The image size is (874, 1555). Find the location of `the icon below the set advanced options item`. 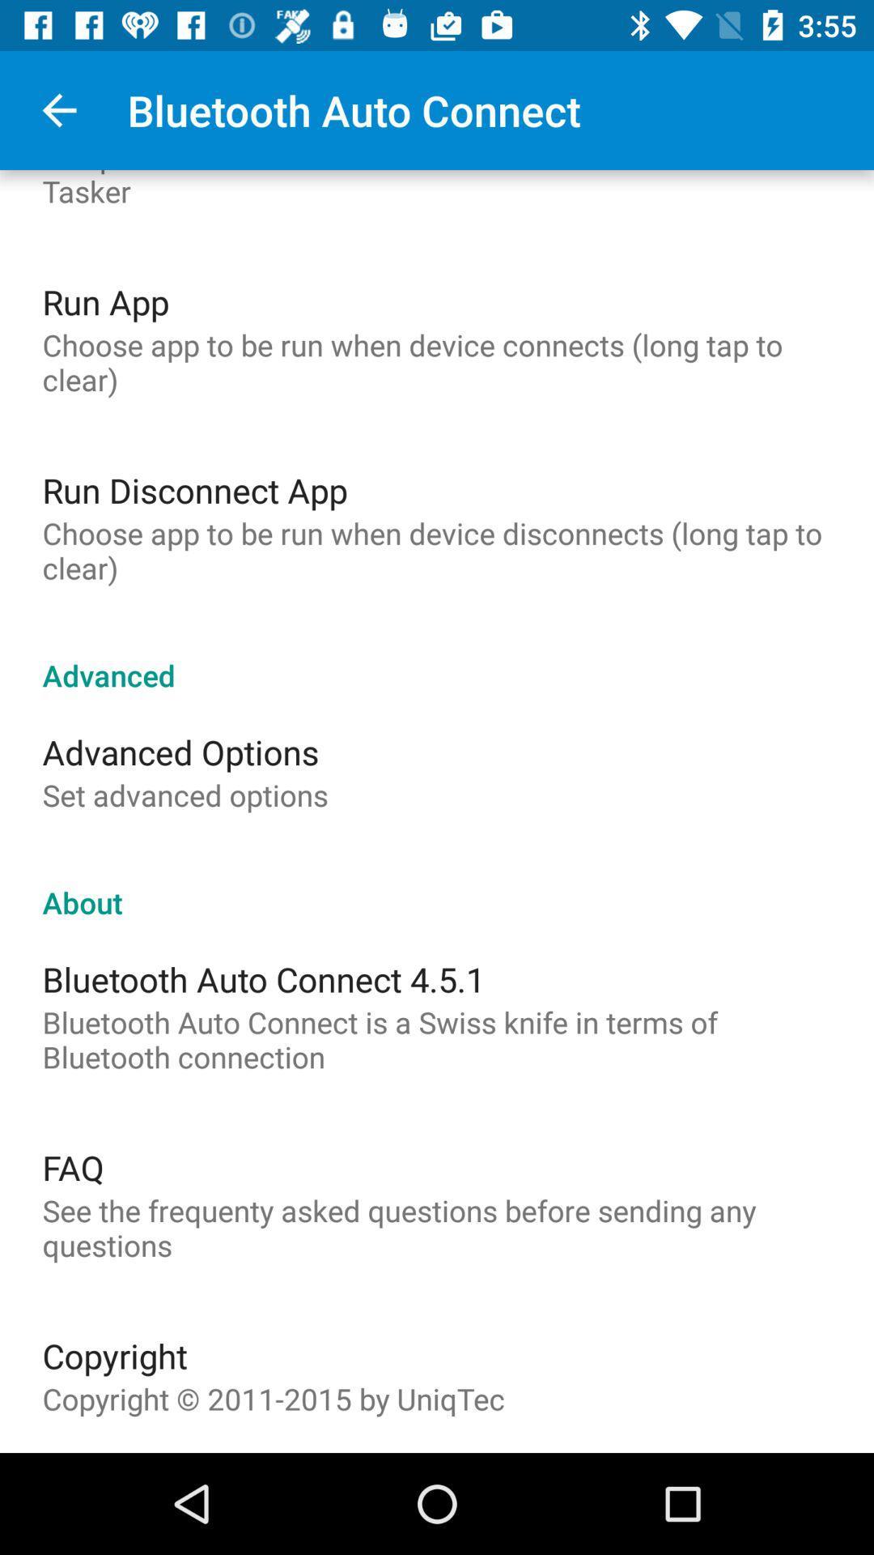

the icon below the set advanced options item is located at coordinates (437, 884).